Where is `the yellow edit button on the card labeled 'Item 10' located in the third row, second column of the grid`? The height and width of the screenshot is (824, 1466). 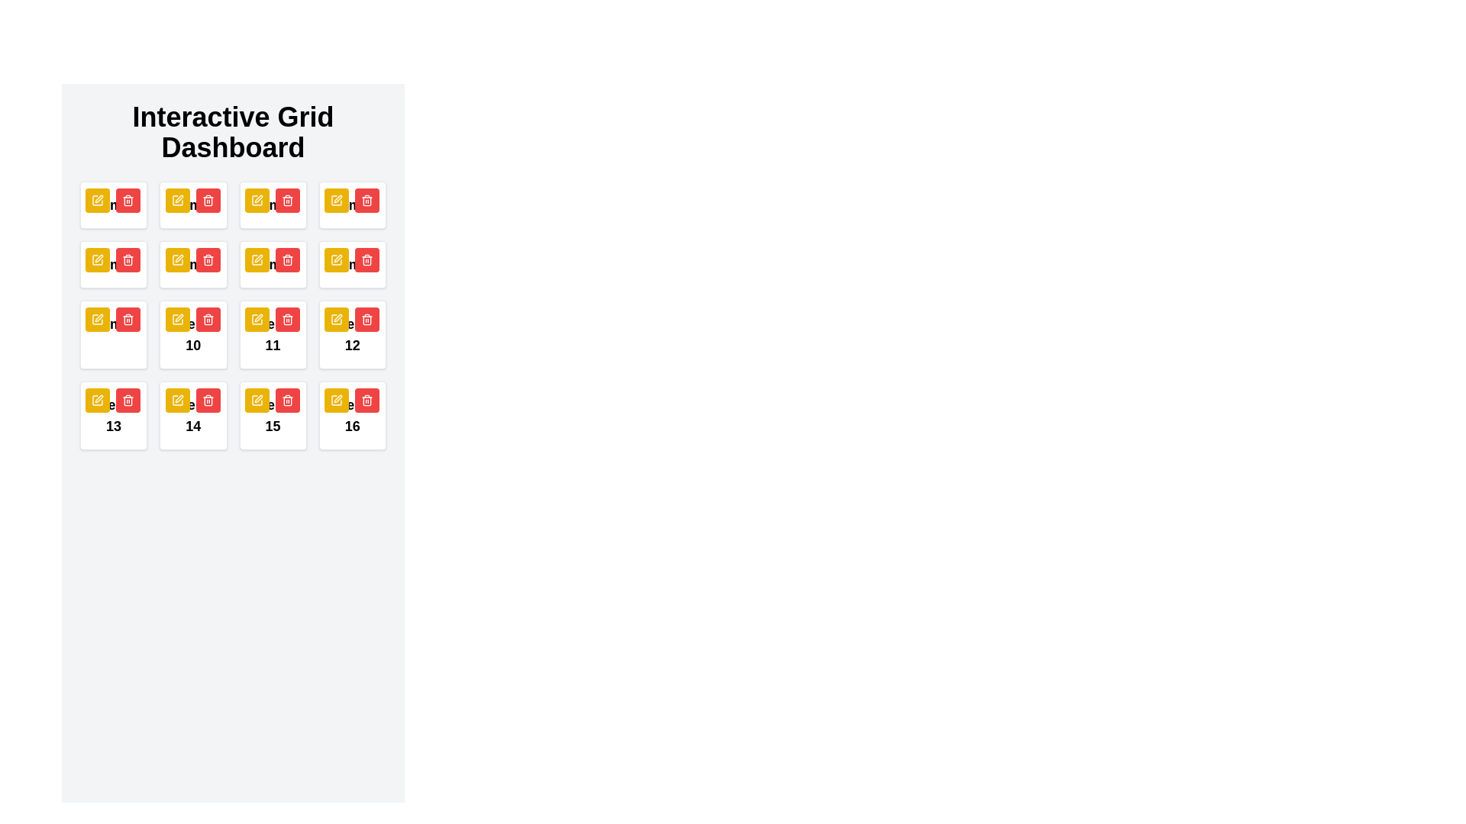 the yellow edit button on the card labeled 'Item 10' located in the third row, second column of the grid is located at coordinates (192, 334).